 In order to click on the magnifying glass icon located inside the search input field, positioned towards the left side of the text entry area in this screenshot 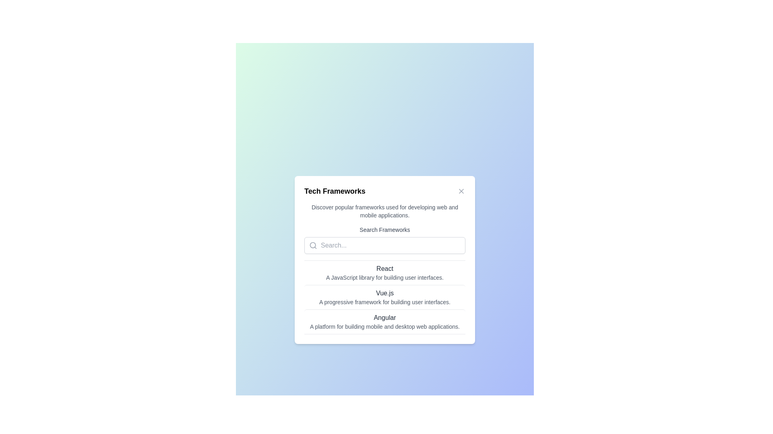, I will do `click(312, 245)`.